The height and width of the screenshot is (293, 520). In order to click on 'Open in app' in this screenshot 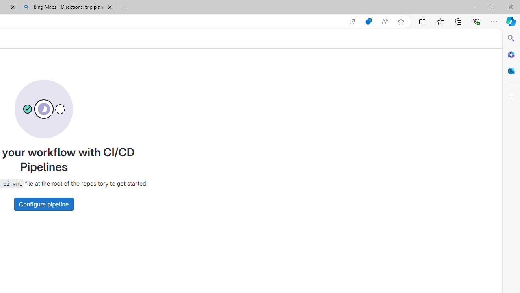, I will do `click(352, 21)`.